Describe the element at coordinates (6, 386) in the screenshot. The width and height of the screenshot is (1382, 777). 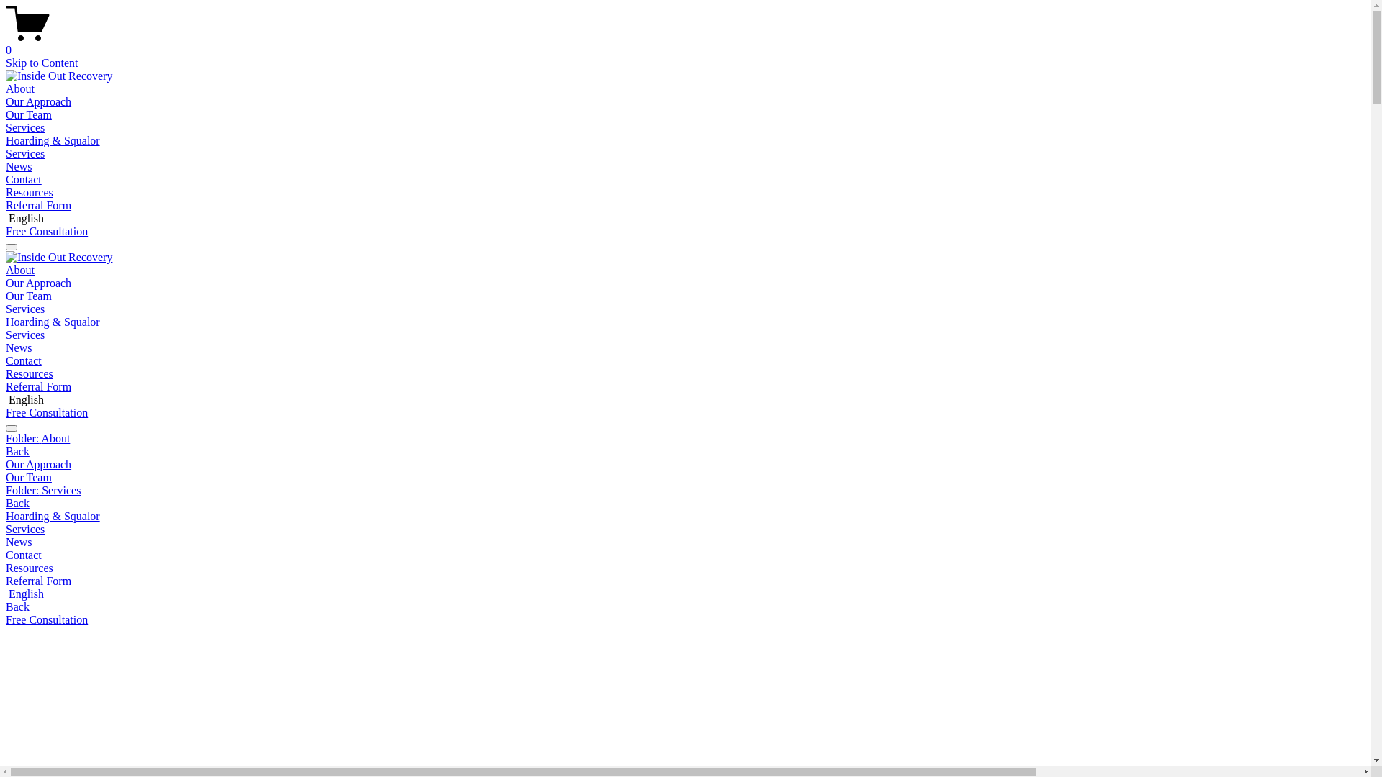
I see `'Referral Form'` at that location.